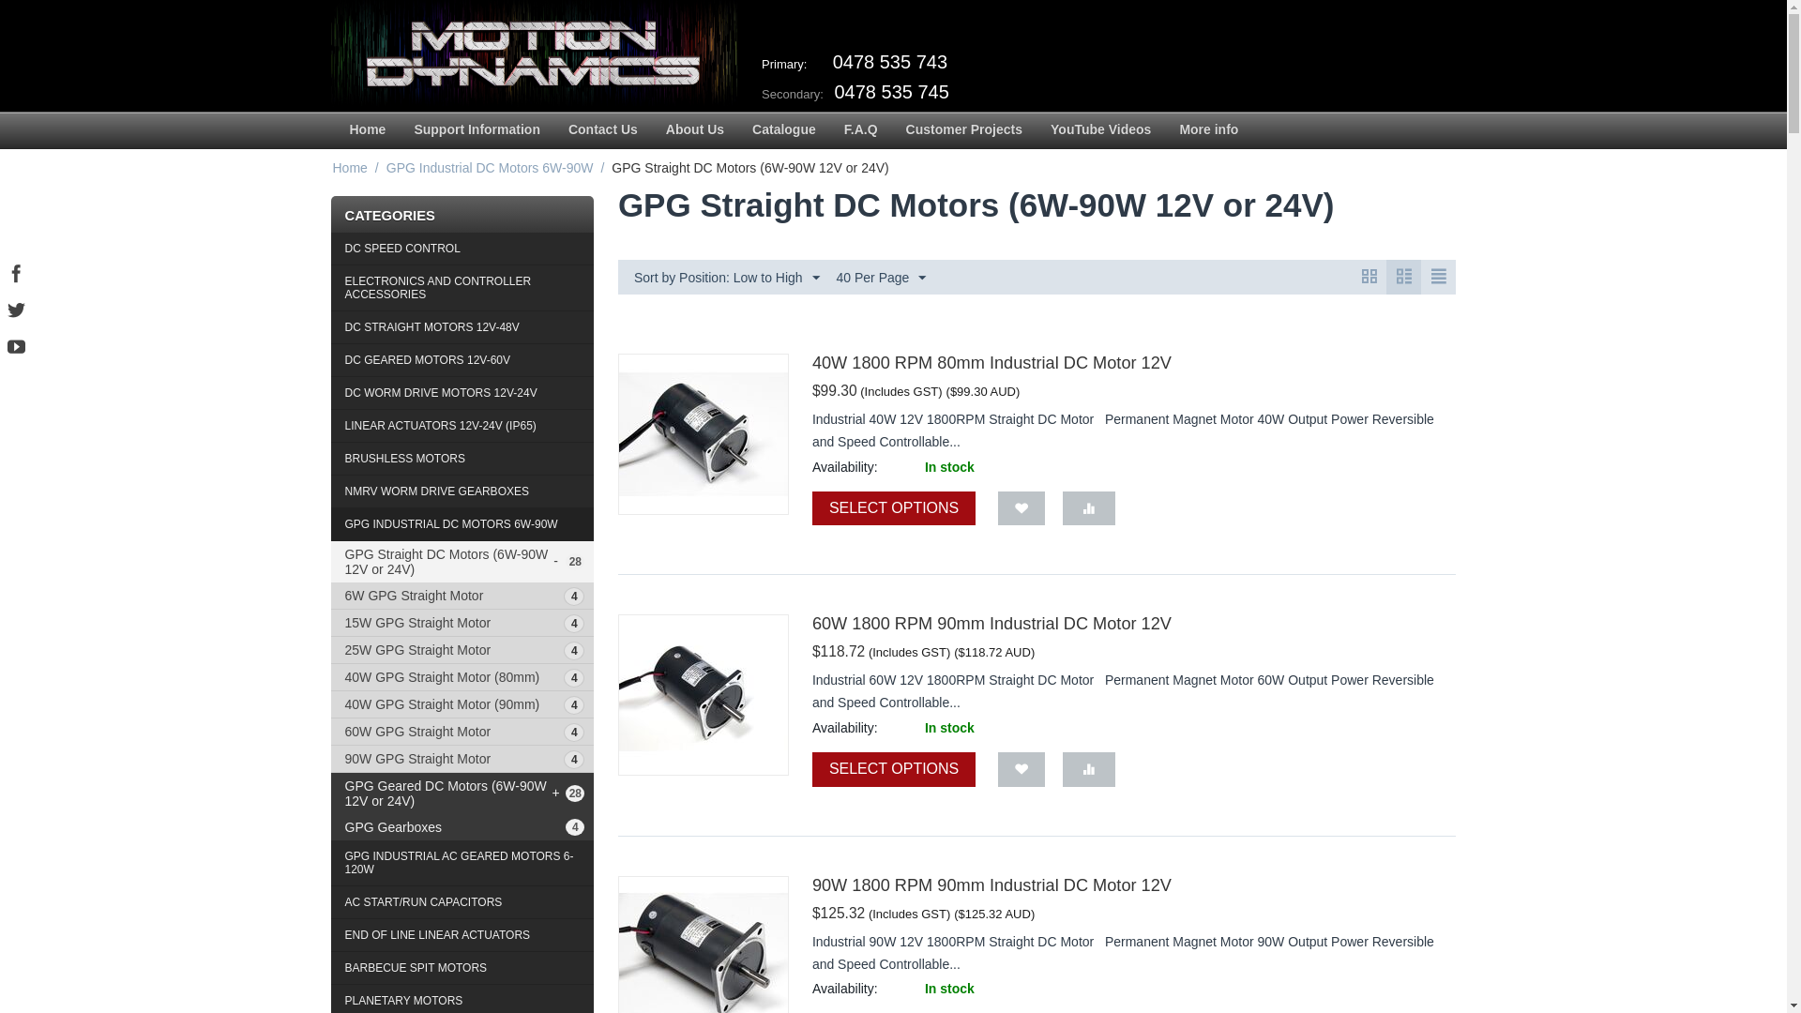  I want to click on '40W GPG Straight Motor (90mm), so click(462, 704).